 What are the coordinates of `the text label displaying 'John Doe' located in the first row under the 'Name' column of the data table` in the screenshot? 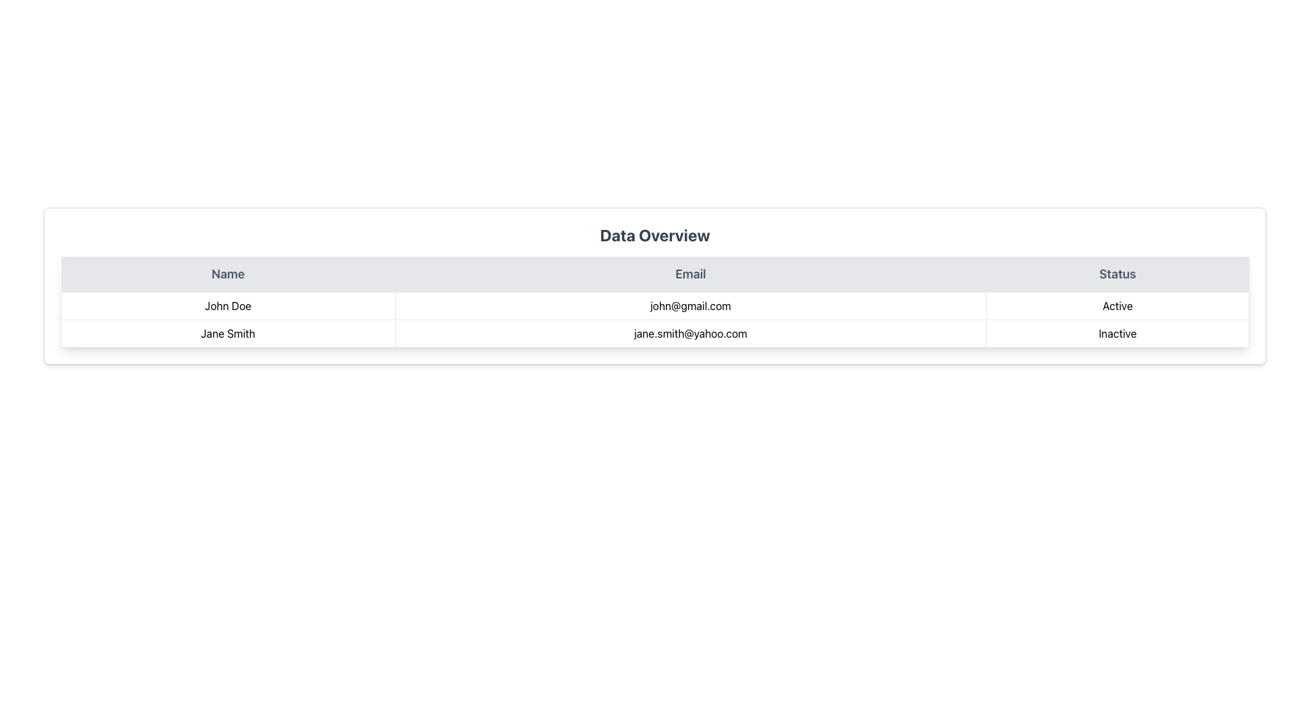 It's located at (228, 306).